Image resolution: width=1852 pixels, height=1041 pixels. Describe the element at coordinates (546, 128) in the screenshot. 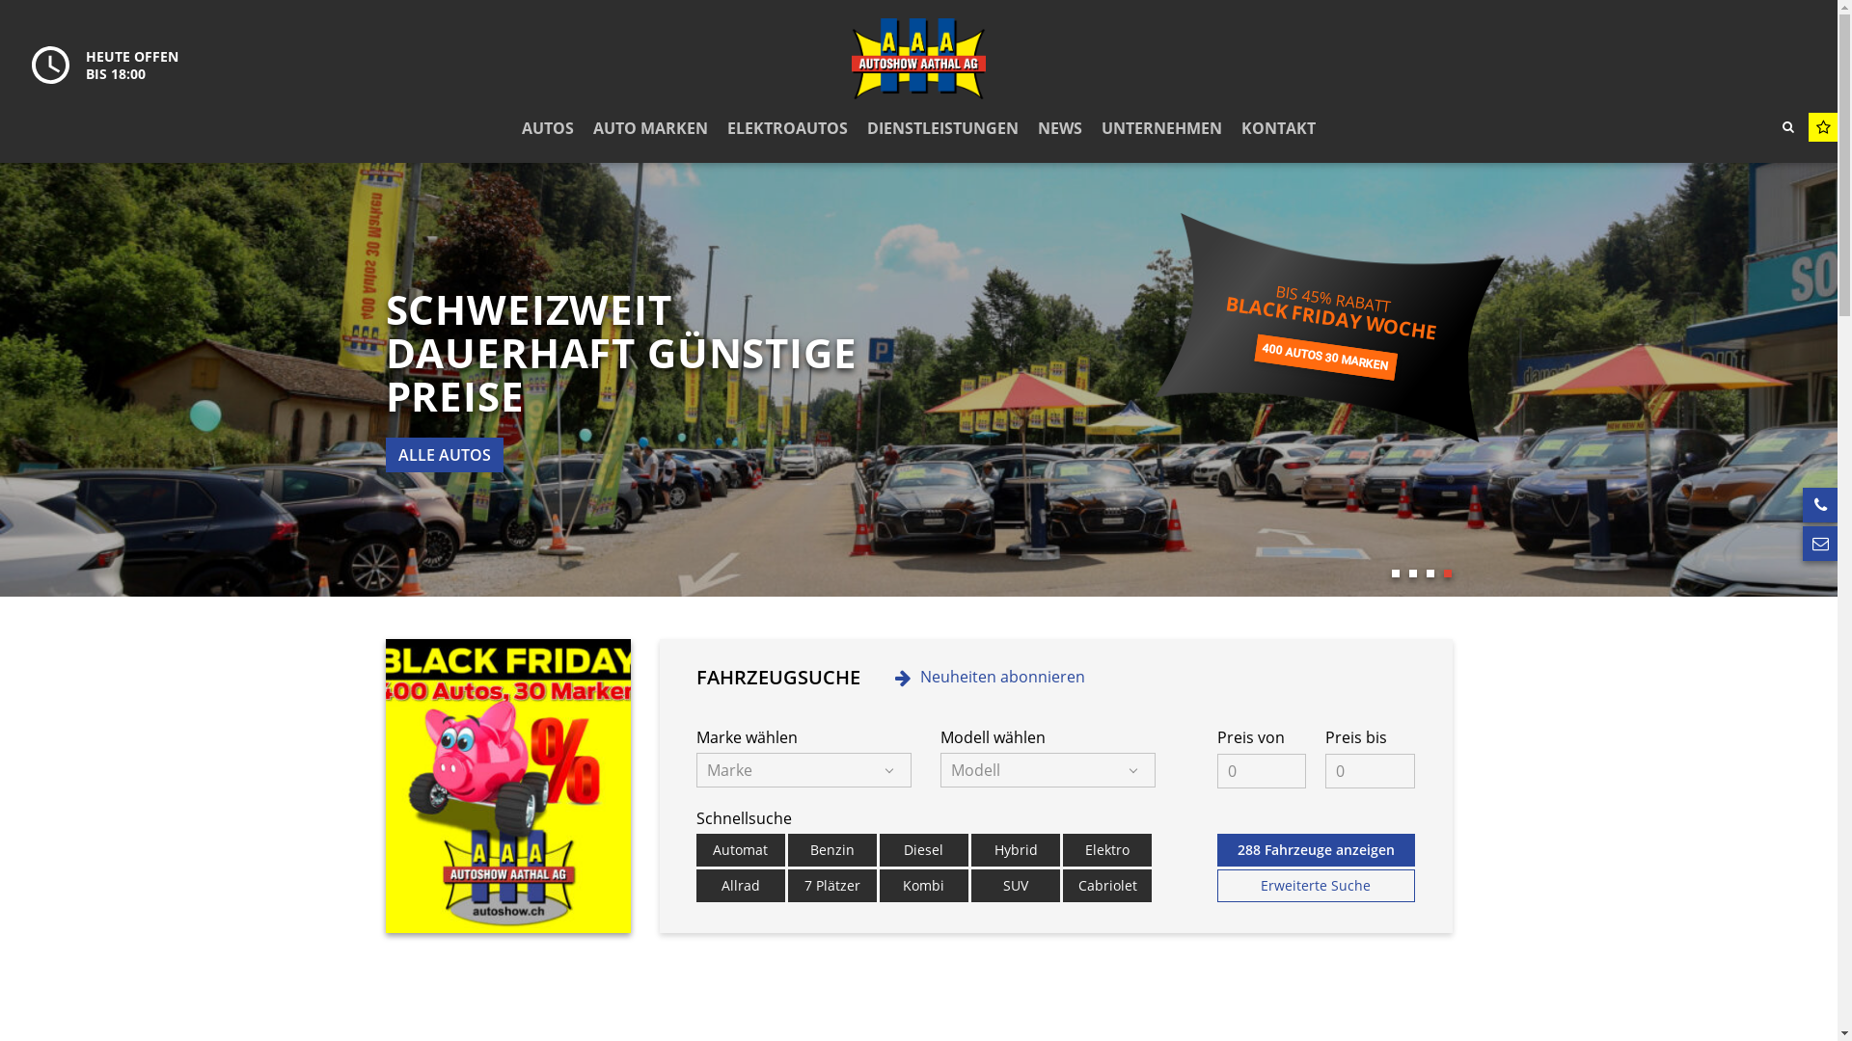

I see `'AUTOS'` at that location.